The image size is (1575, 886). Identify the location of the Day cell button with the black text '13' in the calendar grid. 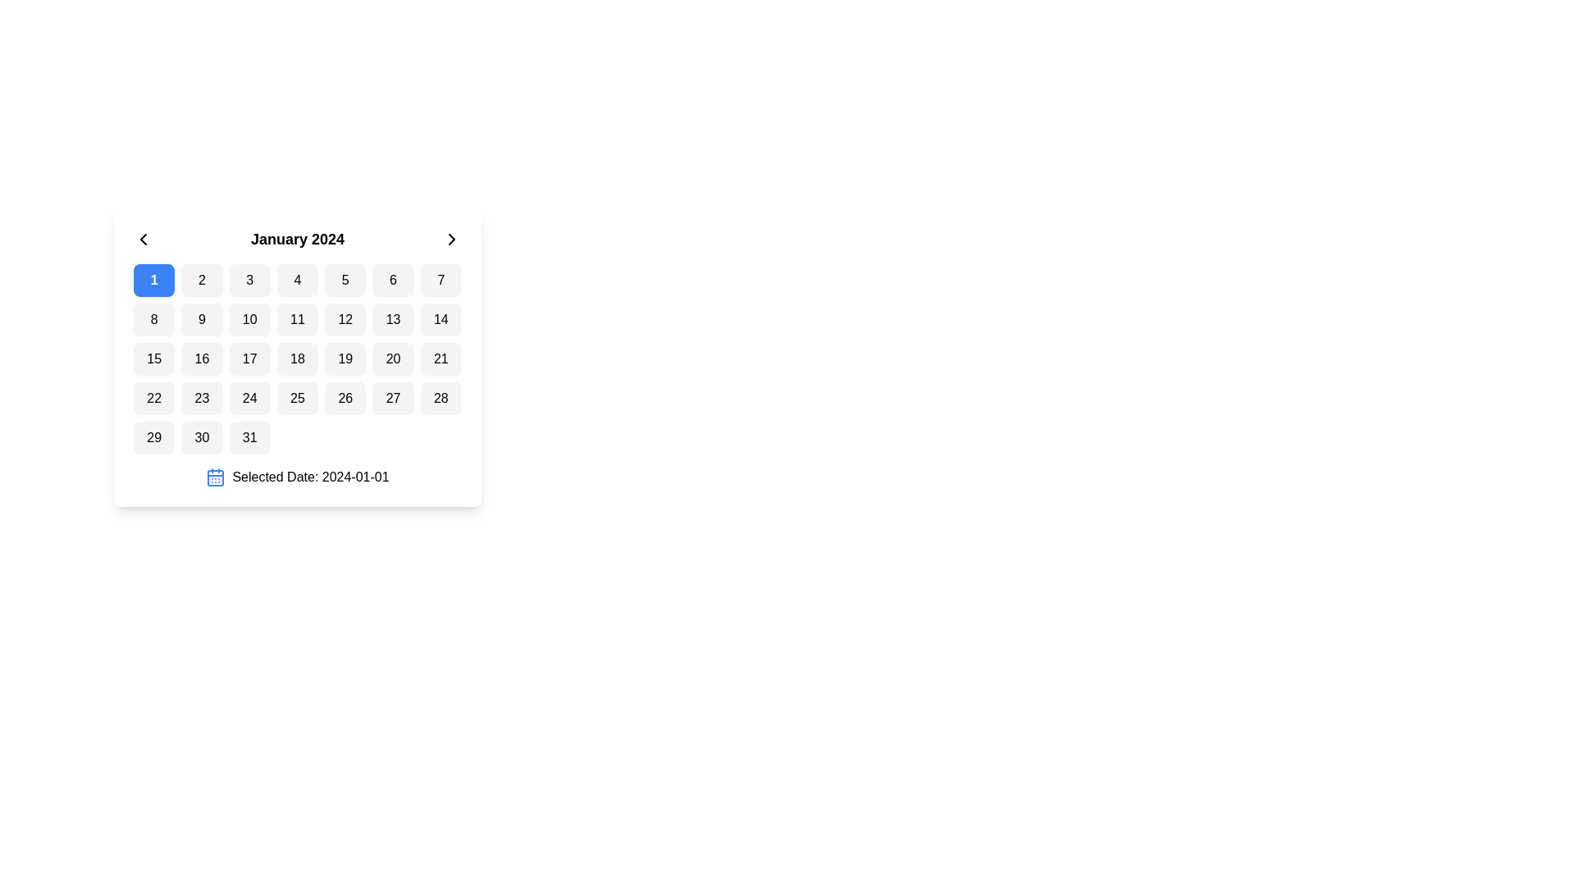
(392, 319).